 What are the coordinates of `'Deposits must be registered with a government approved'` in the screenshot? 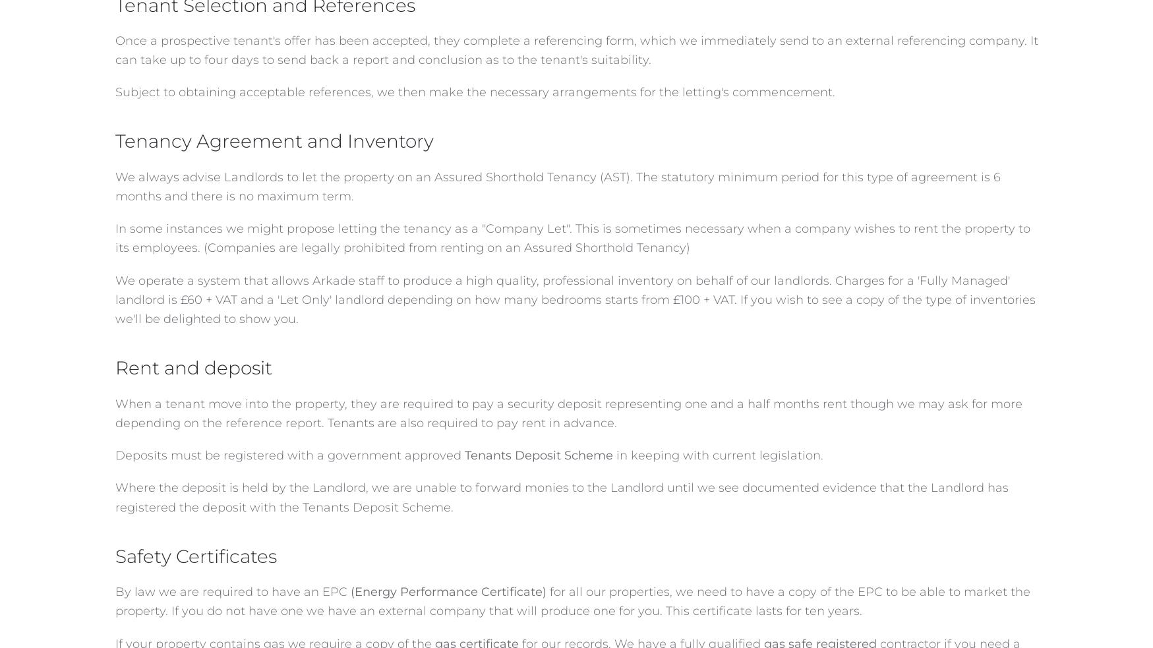 It's located at (288, 455).